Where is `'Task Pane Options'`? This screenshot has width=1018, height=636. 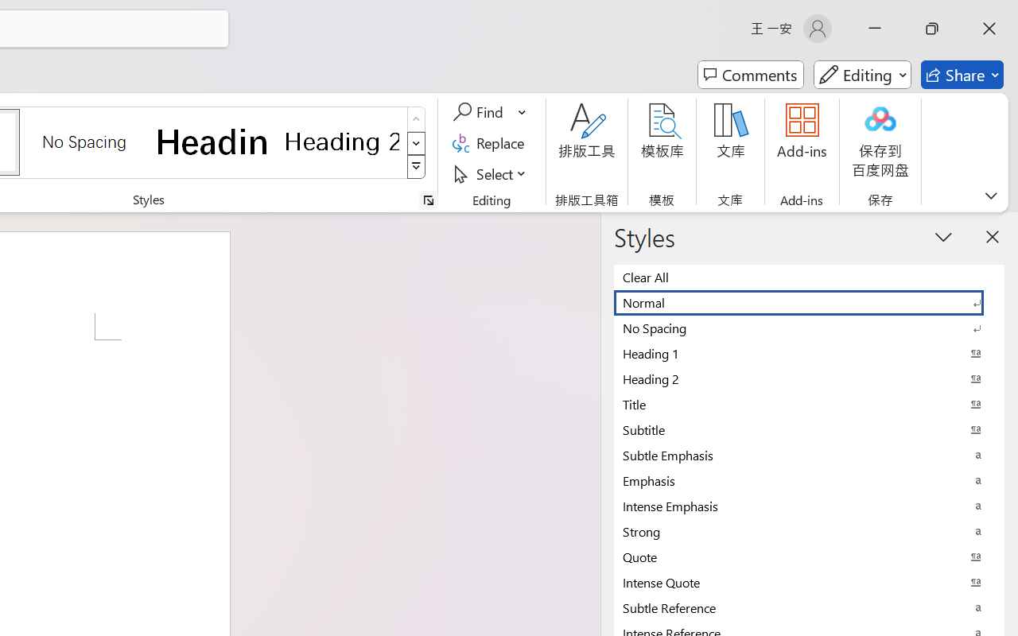 'Task Pane Options' is located at coordinates (944, 236).